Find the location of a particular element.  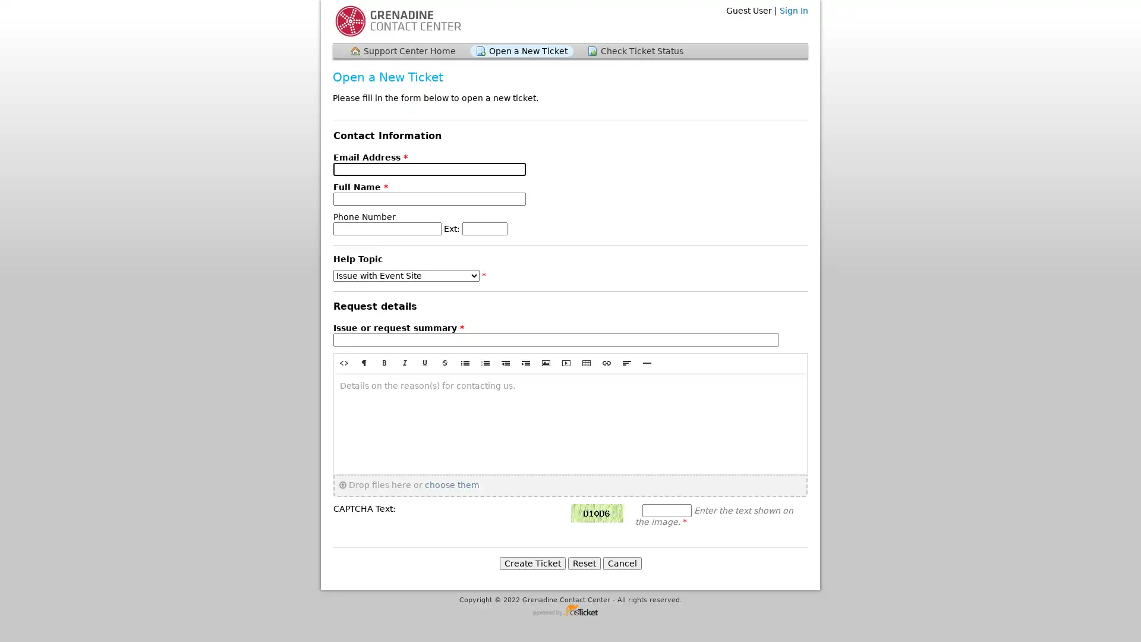

< Outdent is located at coordinates (505, 362).